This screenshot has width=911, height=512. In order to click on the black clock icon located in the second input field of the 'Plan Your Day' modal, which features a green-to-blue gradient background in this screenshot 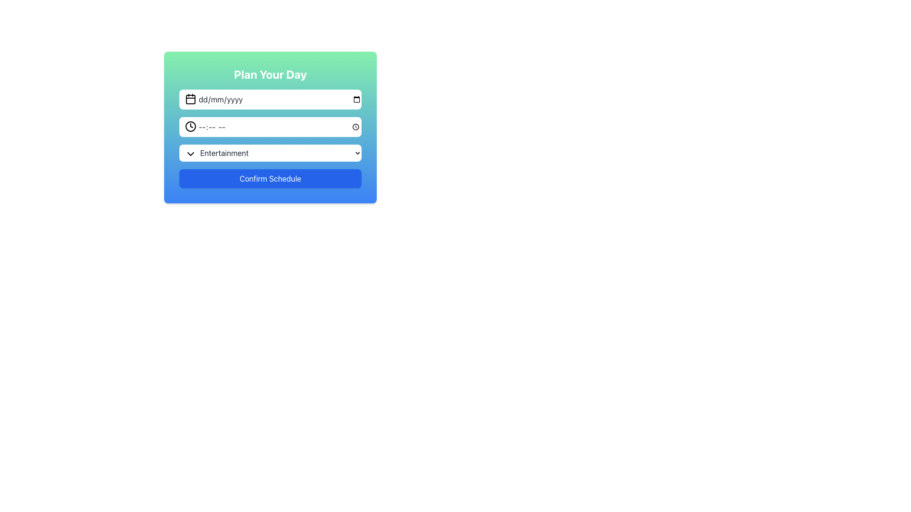, I will do `click(190, 126)`.